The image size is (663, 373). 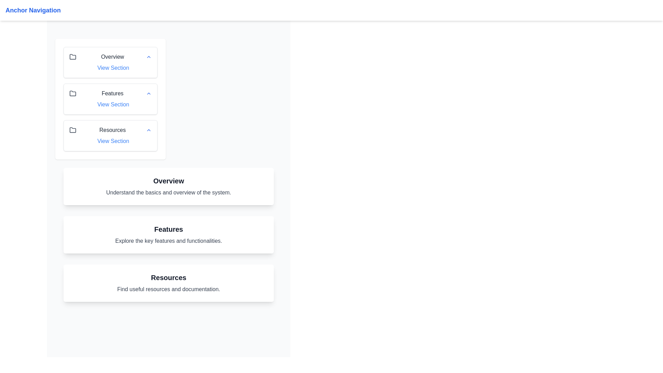 What do you see at coordinates (113, 141) in the screenshot?
I see `the hyperlink labeled 'View Section' located in the 'Resources' section of the left-hand navigation menu` at bounding box center [113, 141].